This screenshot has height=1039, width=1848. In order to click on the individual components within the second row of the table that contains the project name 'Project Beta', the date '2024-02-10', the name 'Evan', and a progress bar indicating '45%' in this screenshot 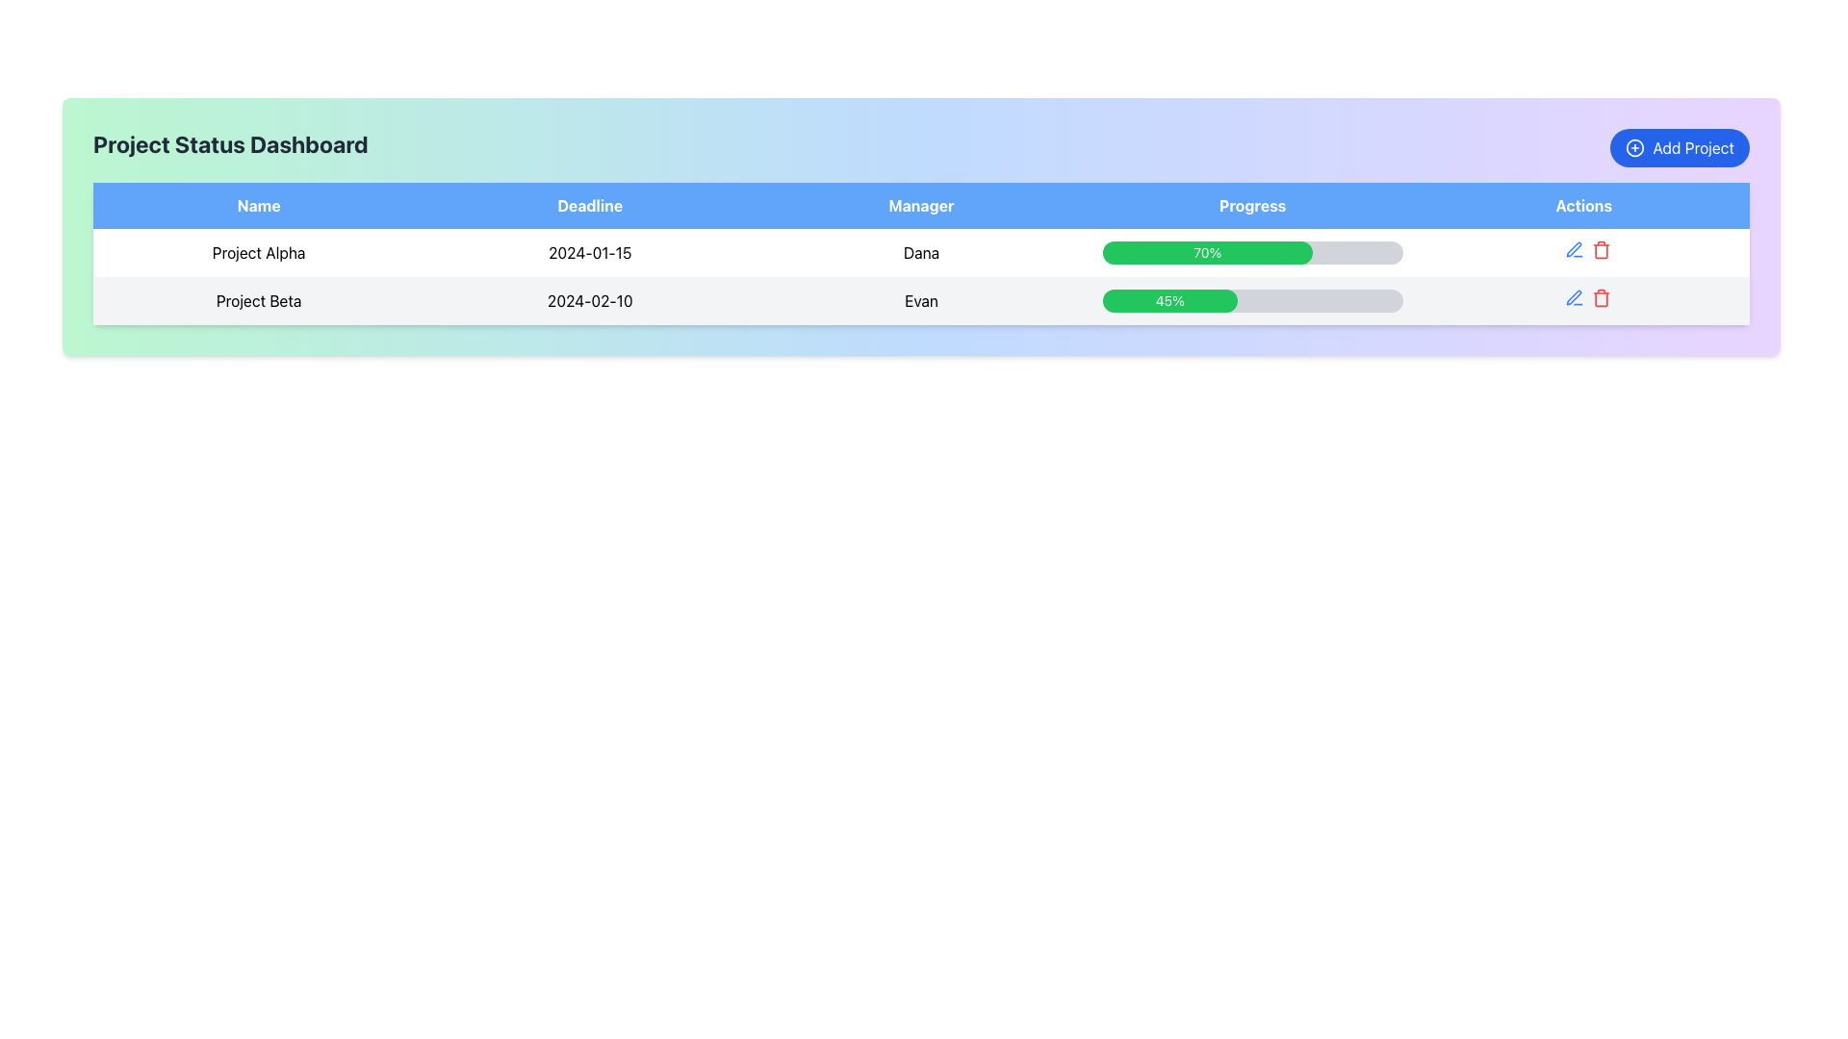, I will do `click(920, 300)`.